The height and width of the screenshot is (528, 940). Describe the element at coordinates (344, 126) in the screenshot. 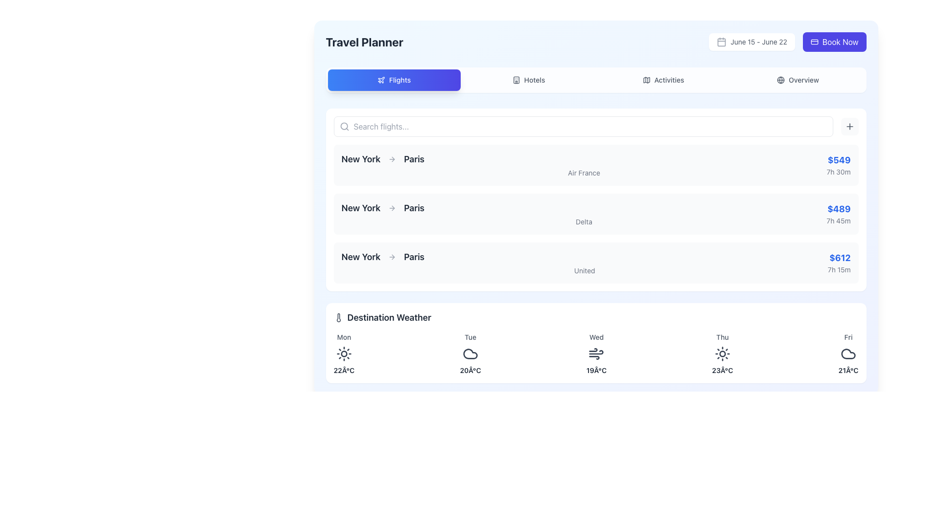

I see `the search icon located to the left of the search bar, near the placeholder text 'Search flights...'` at that location.